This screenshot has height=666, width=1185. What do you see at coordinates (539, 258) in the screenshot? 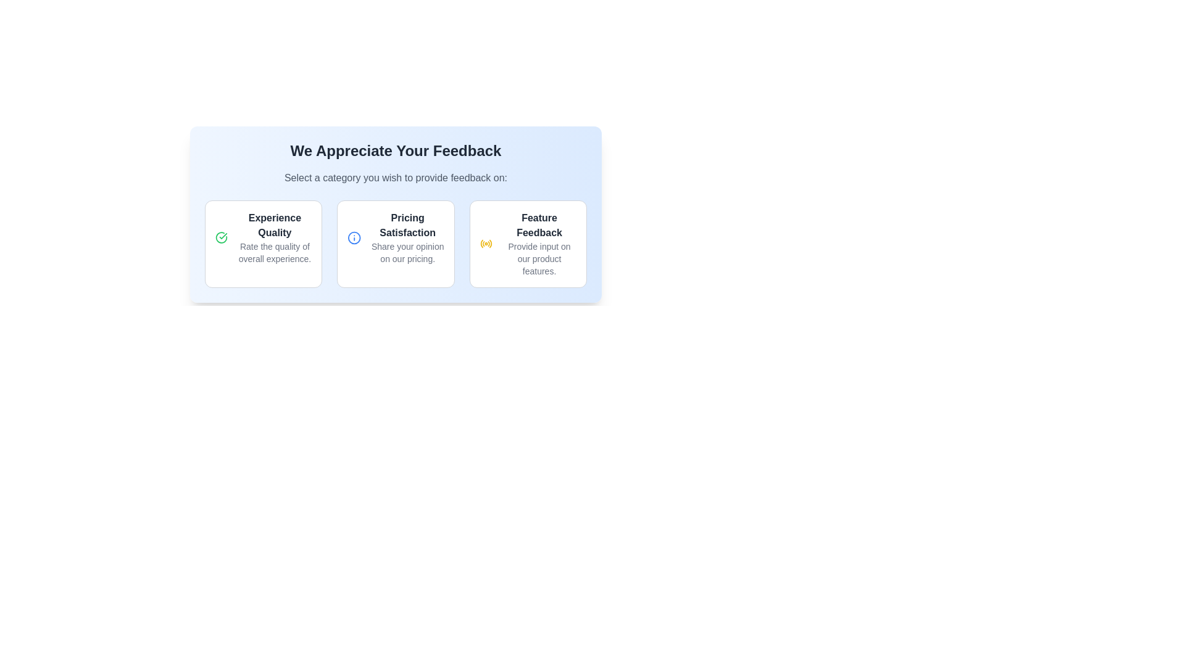
I see `the highlighted text element reading 'Provide input on our product features.' located beneath the 'Feature Feedback' title` at bounding box center [539, 258].